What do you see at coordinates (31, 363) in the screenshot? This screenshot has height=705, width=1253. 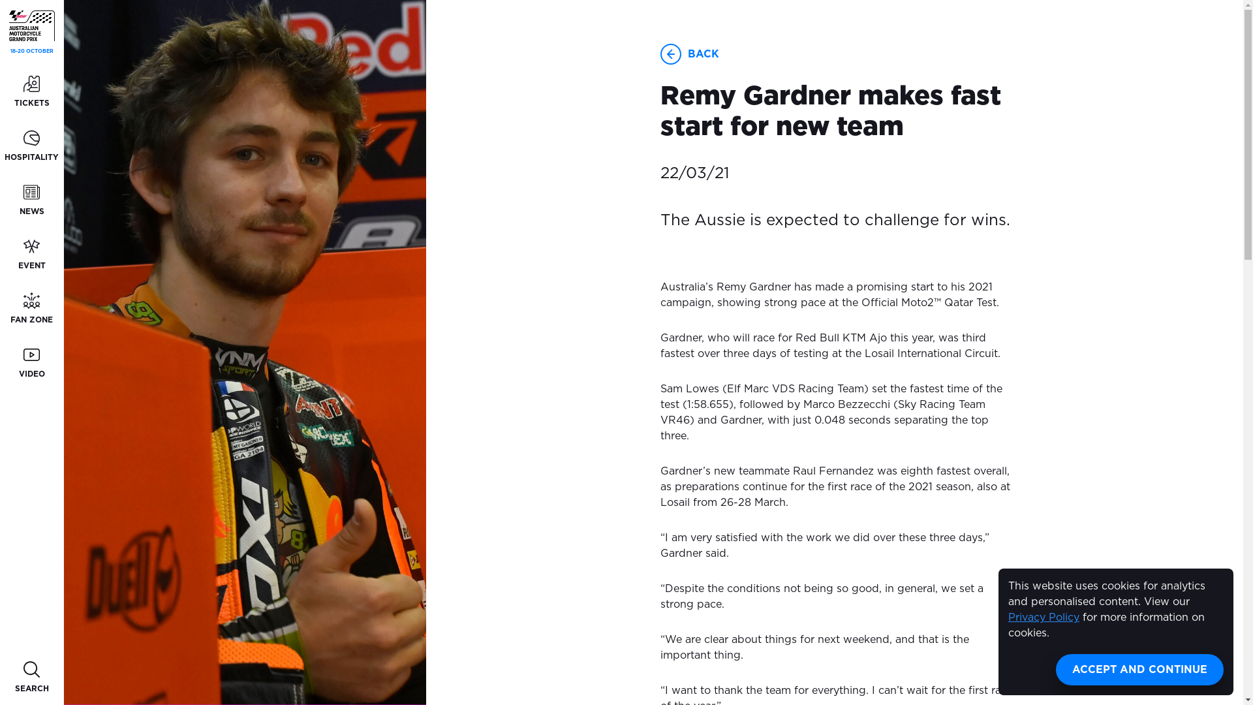 I see `'VIDEO'` at bounding box center [31, 363].